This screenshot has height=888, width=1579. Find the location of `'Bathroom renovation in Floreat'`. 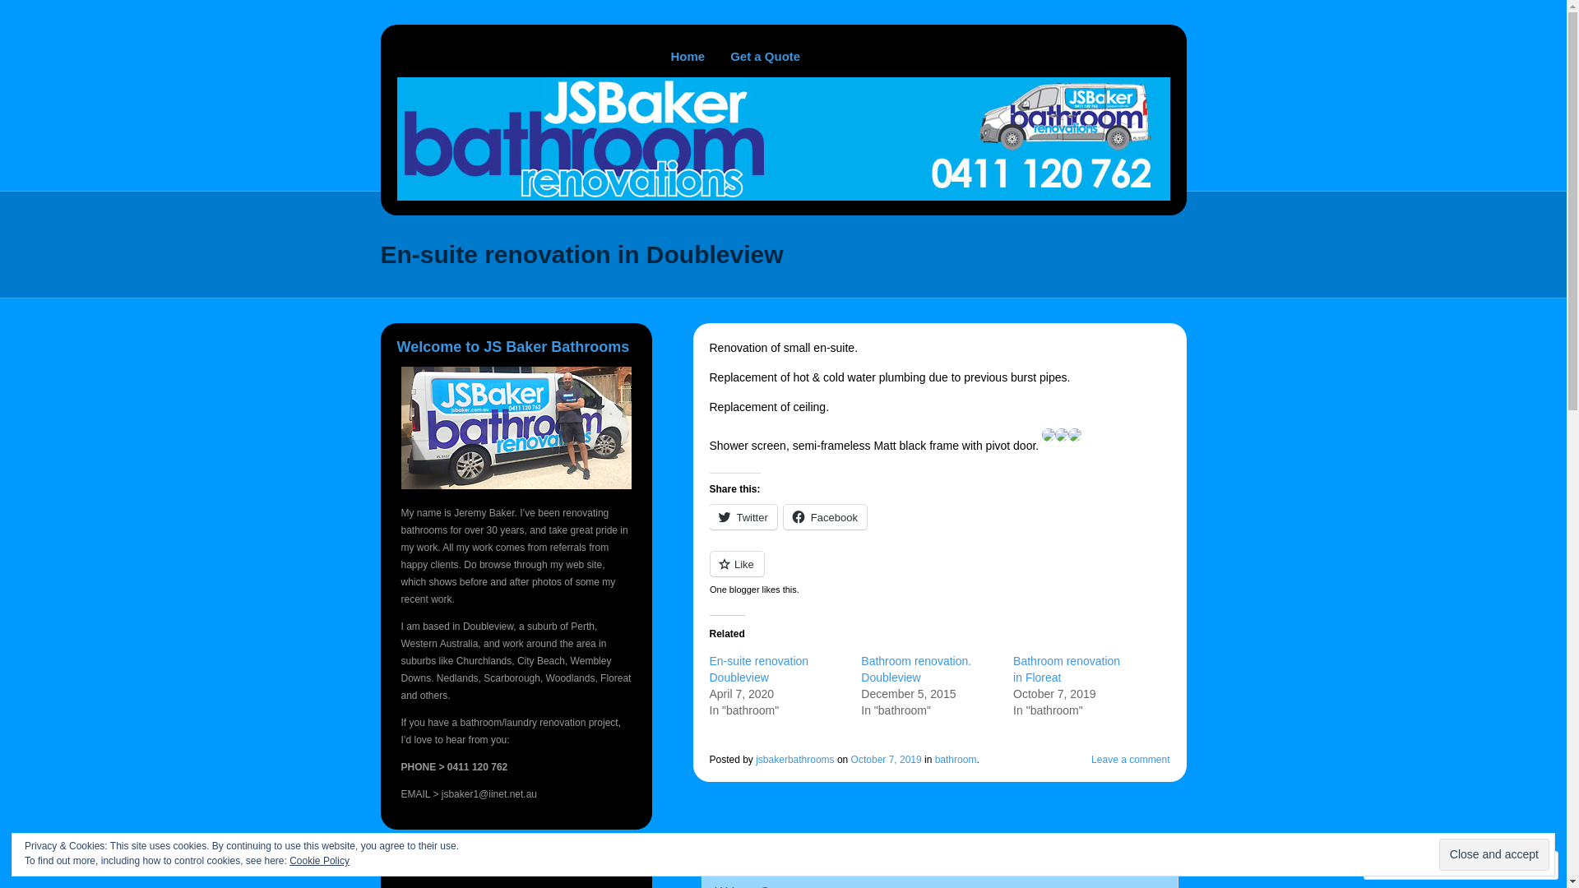

'Bathroom renovation in Floreat' is located at coordinates (1012, 668).